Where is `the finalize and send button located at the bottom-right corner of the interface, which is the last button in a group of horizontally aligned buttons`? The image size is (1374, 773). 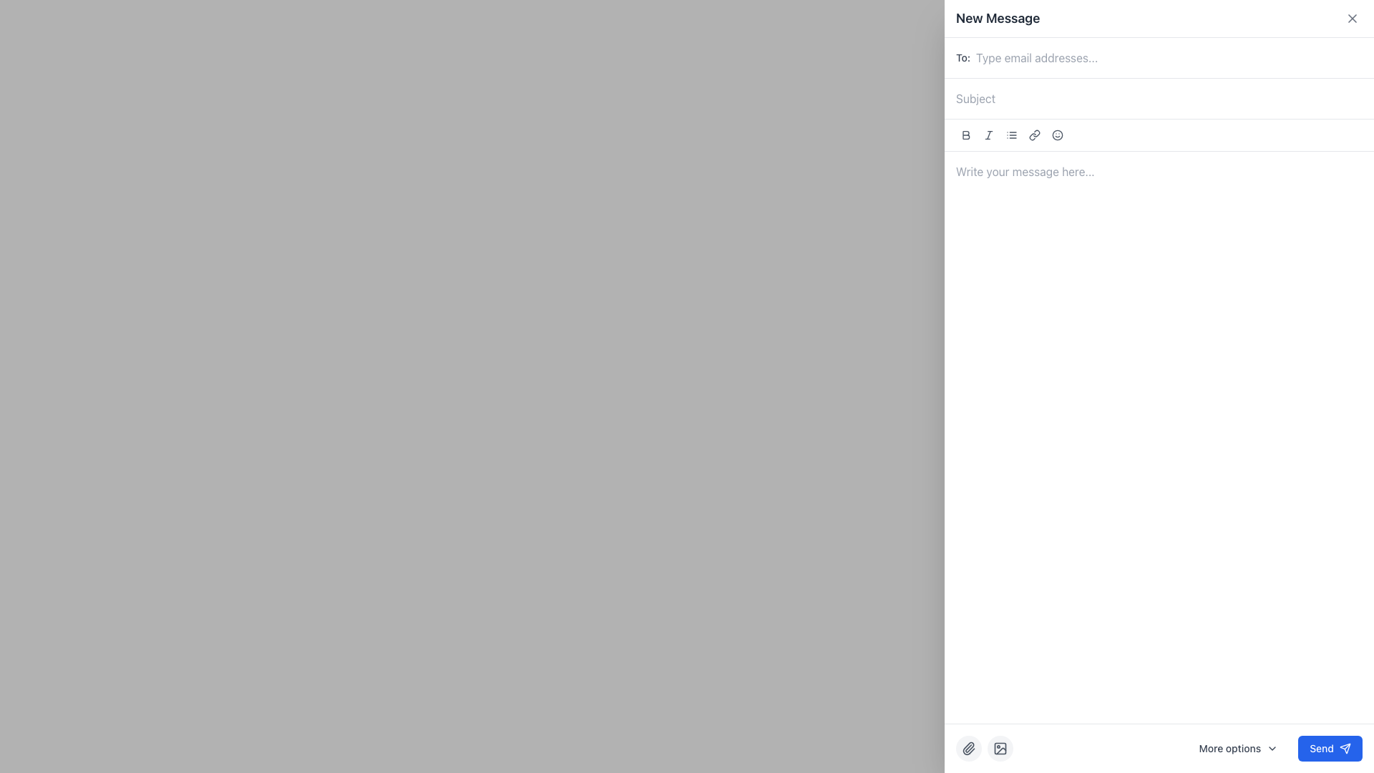
the finalize and send button located at the bottom-right corner of the interface, which is the last button in a group of horizontally aligned buttons is located at coordinates (1330, 747).